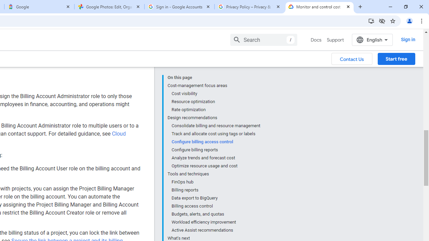 The width and height of the screenshot is (429, 241). I want to click on 'Cost-management focus areas', so click(213, 85).